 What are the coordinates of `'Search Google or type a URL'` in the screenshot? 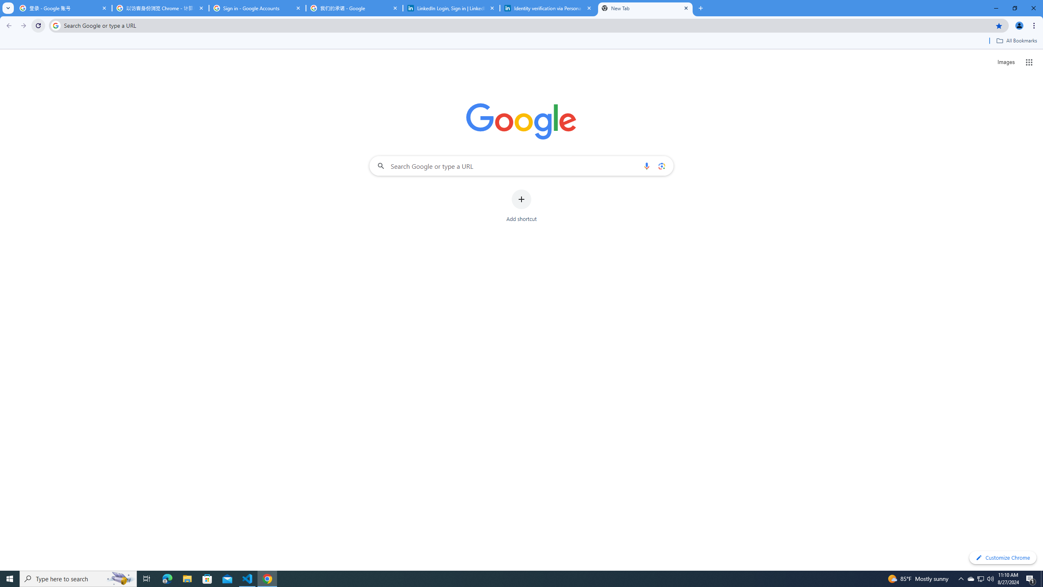 It's located at (521, 165).